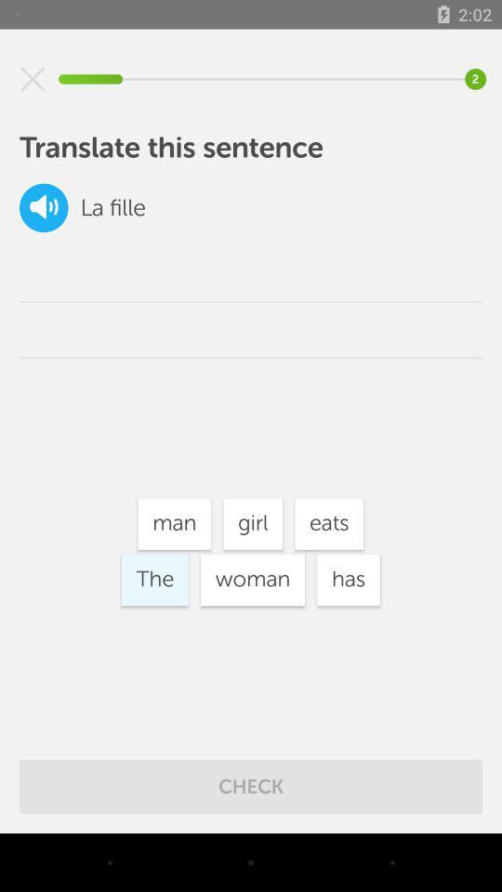 This screenshot has height=892, width=502. I want to click on item to the left of has item, so click(252, 579).